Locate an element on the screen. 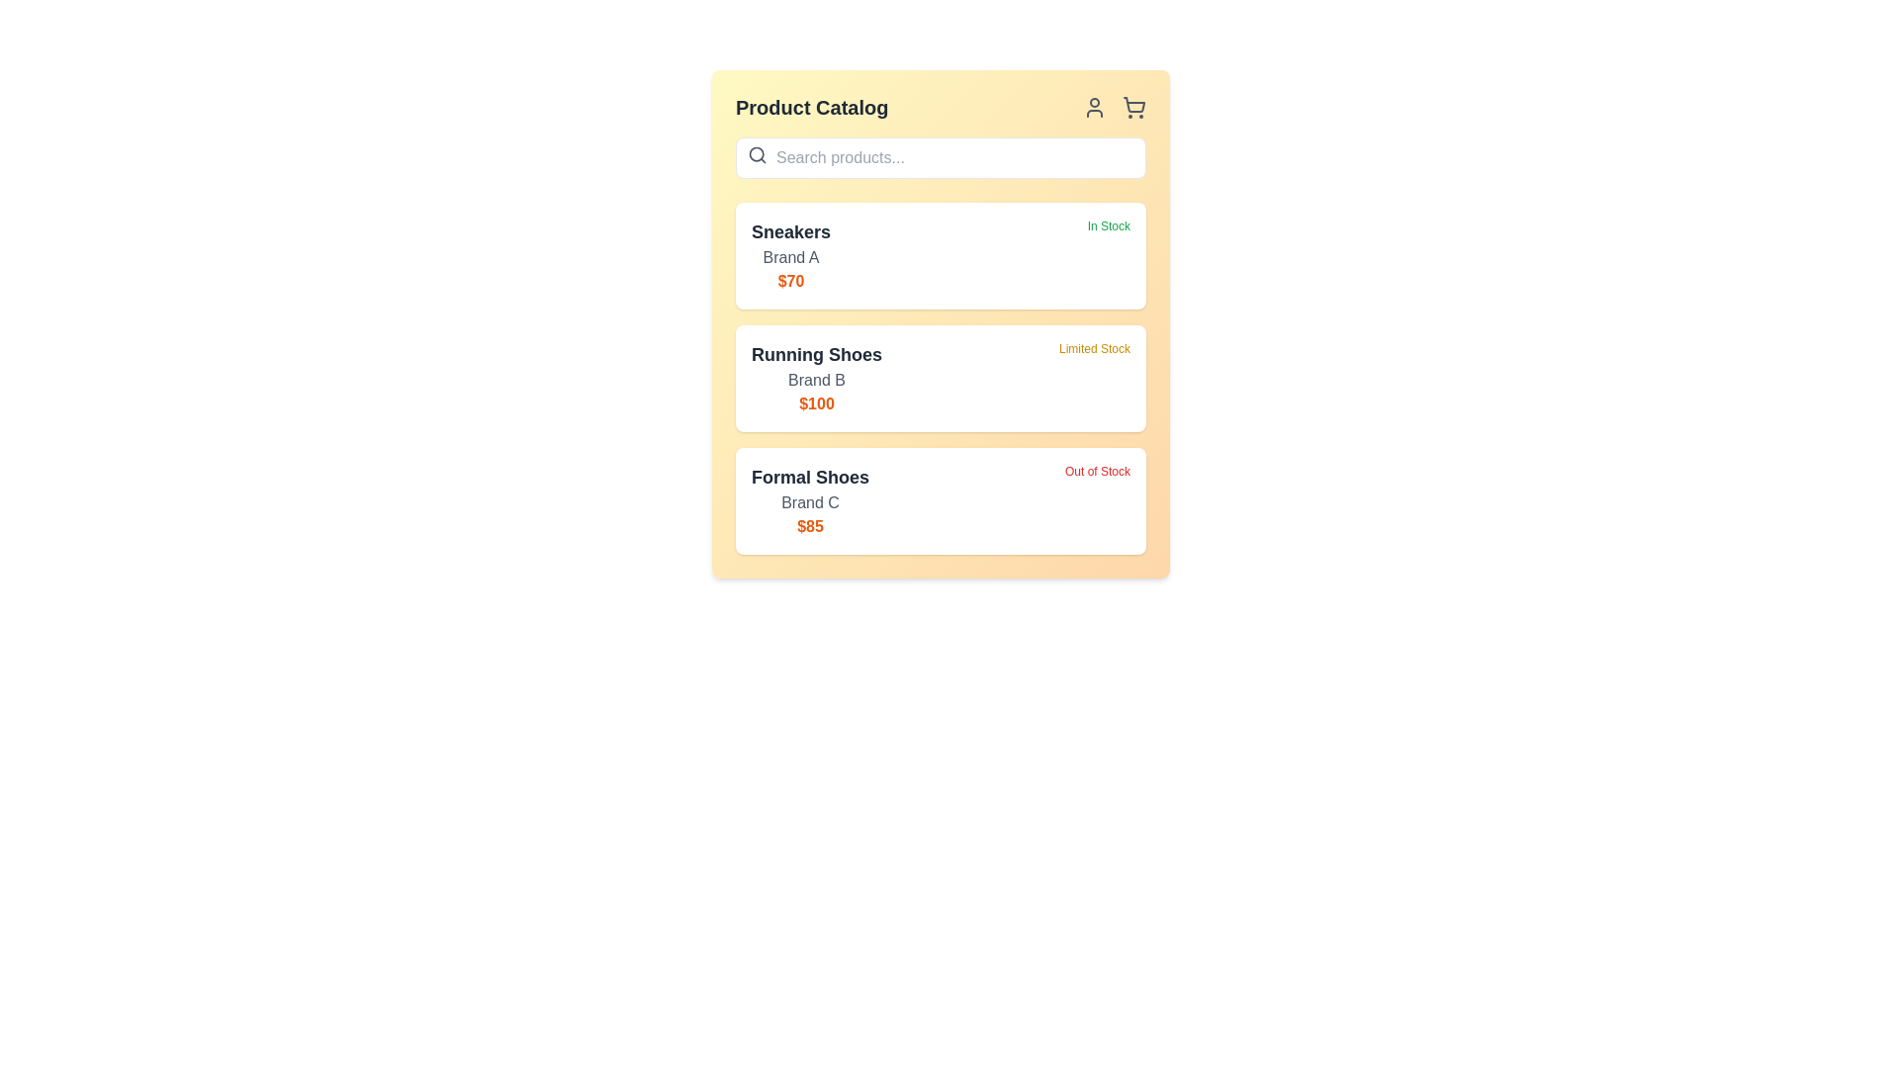  text content of the label indicating the brand name associated with the product, located below the 'Sneakers' title and above the '$70' price tag in the first product item of the catalog is located at coordinates (791, 257).